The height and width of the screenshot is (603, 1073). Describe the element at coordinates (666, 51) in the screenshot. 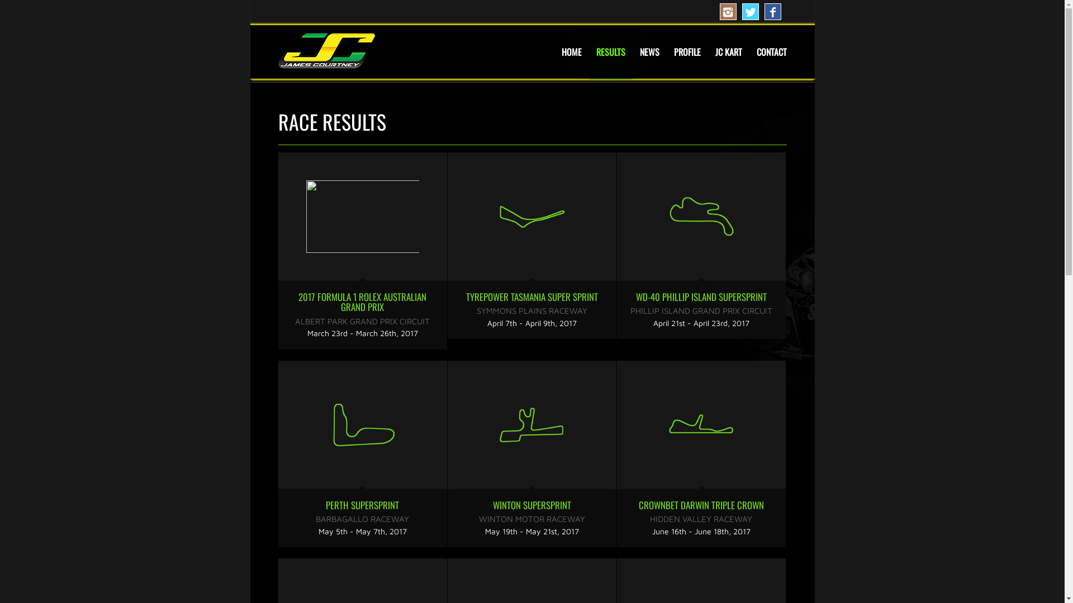

I see `'PROFILE'` at that location.